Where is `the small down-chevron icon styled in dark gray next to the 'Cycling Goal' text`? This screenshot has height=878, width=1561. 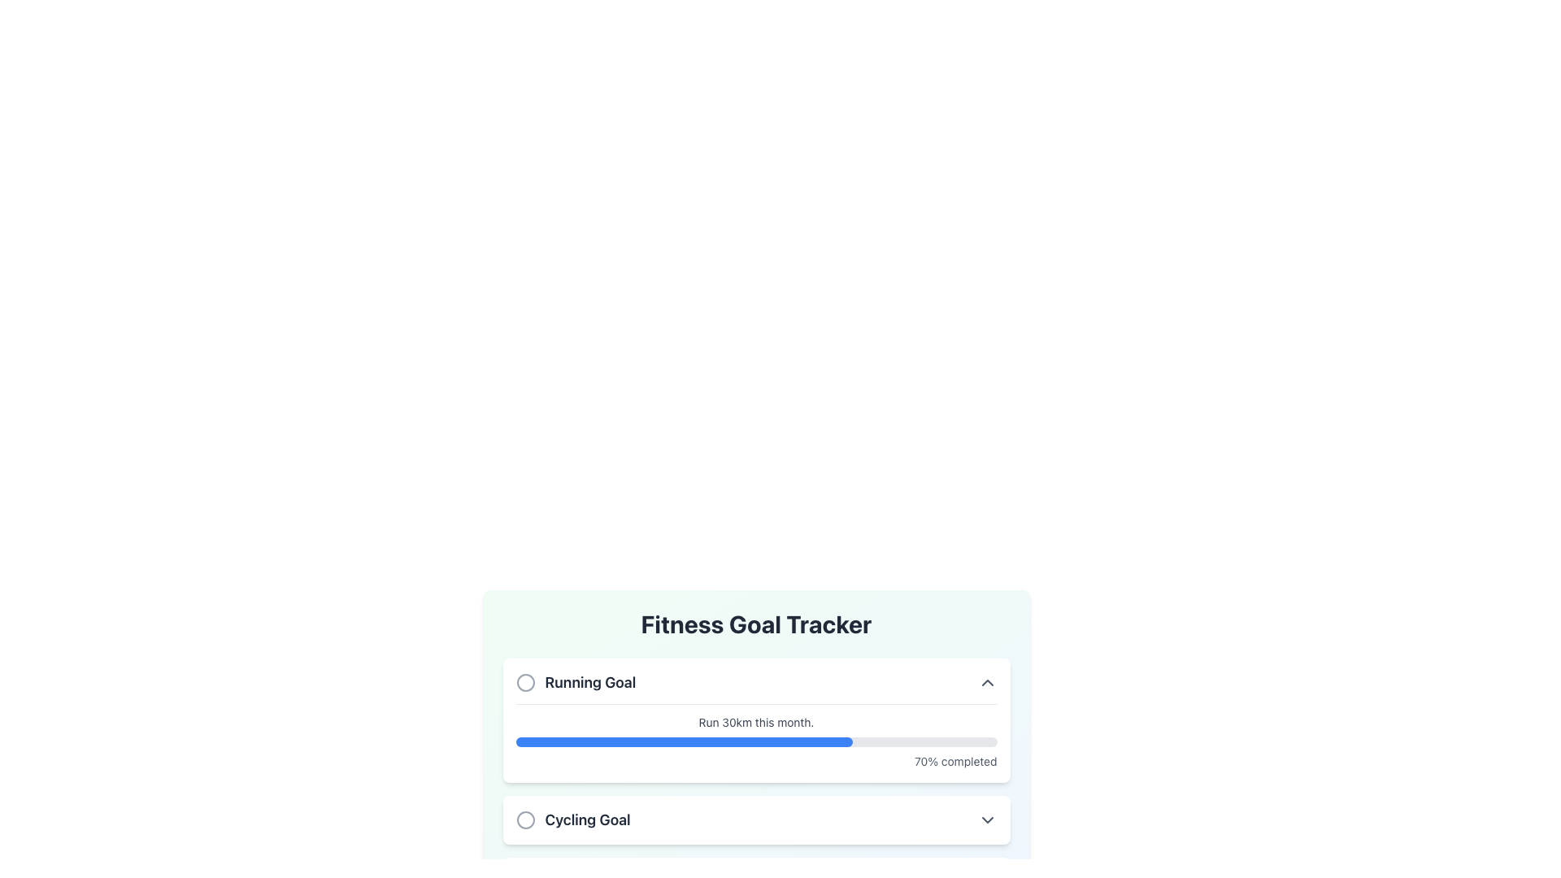 the small down-chevron icon styled in dark gray next to the 'Cycling Goal' text is located at coordinates (986, 820).